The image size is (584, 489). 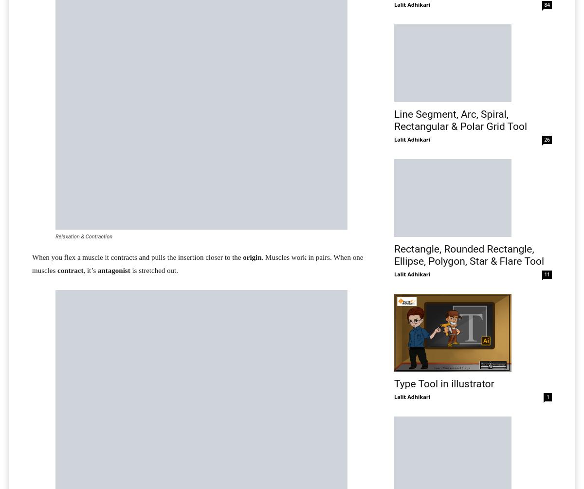 What do you see at coordinates (547, 273) in the screenshot?
I see `'11'` at bounding box center [547, 273].